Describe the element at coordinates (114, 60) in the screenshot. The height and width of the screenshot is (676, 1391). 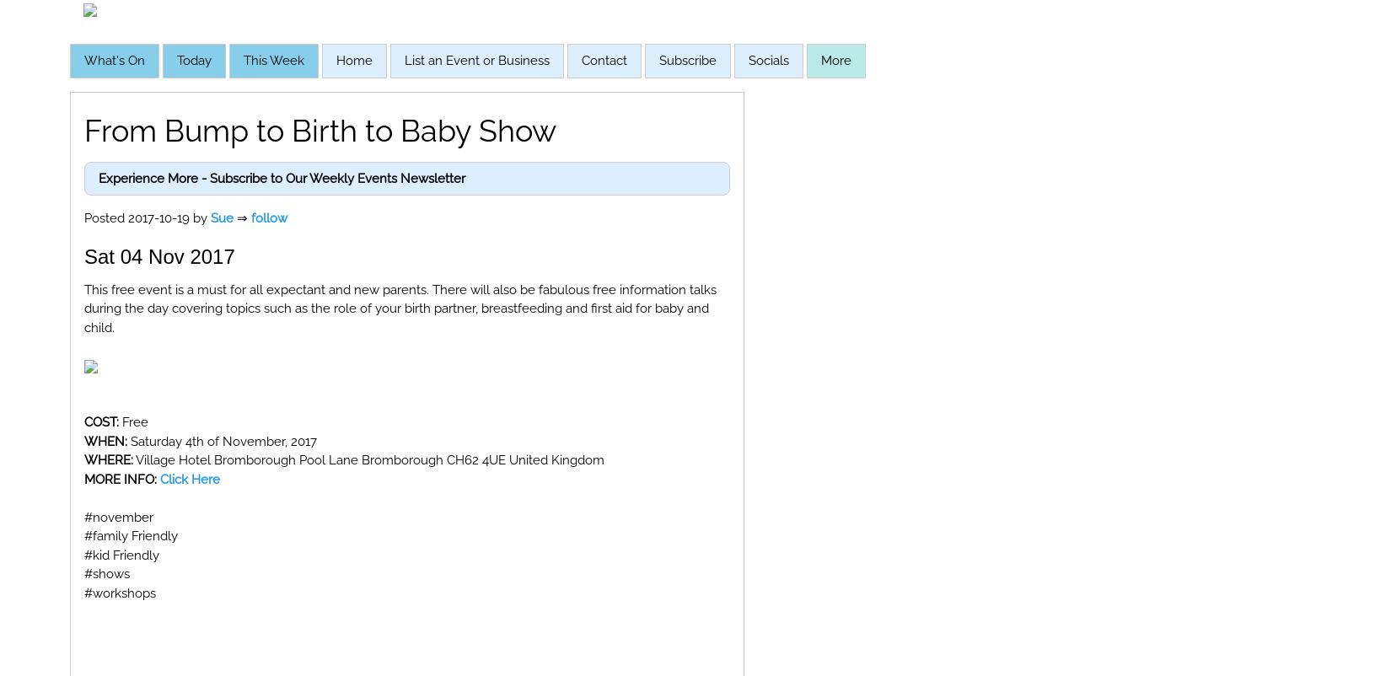
I see `'What's On'` at that location.